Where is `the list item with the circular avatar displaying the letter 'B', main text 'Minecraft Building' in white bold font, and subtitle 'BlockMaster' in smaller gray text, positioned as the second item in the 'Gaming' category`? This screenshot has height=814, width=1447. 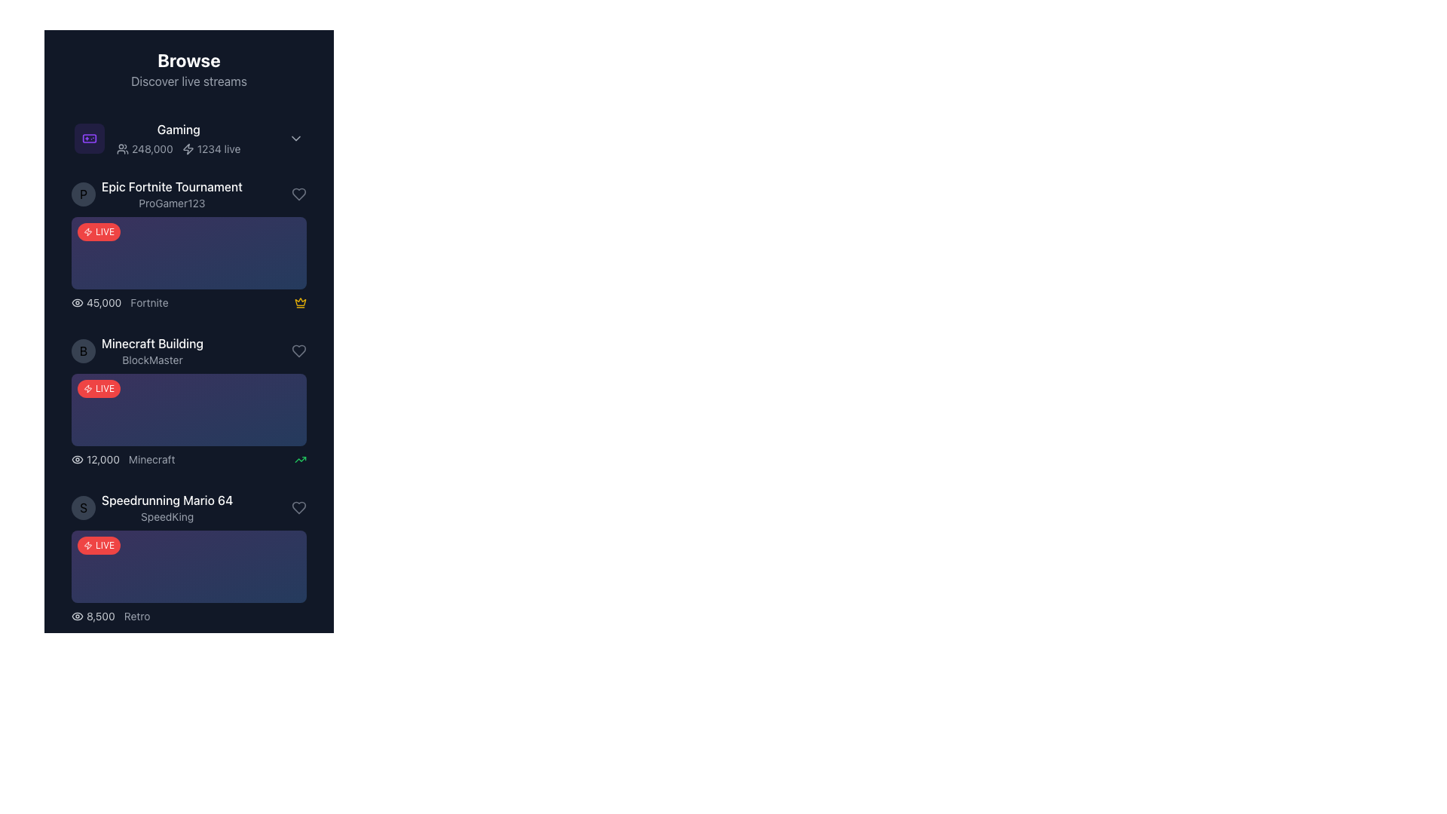 the list item with the circular avatar displaying the letter 'B', main text 'Minecraft Building' in white bold font, and subtitle 'BlockMaster' in smaller gray text, positioned as the second item in the 'Gaming' category is located at coordinates (137, 351).